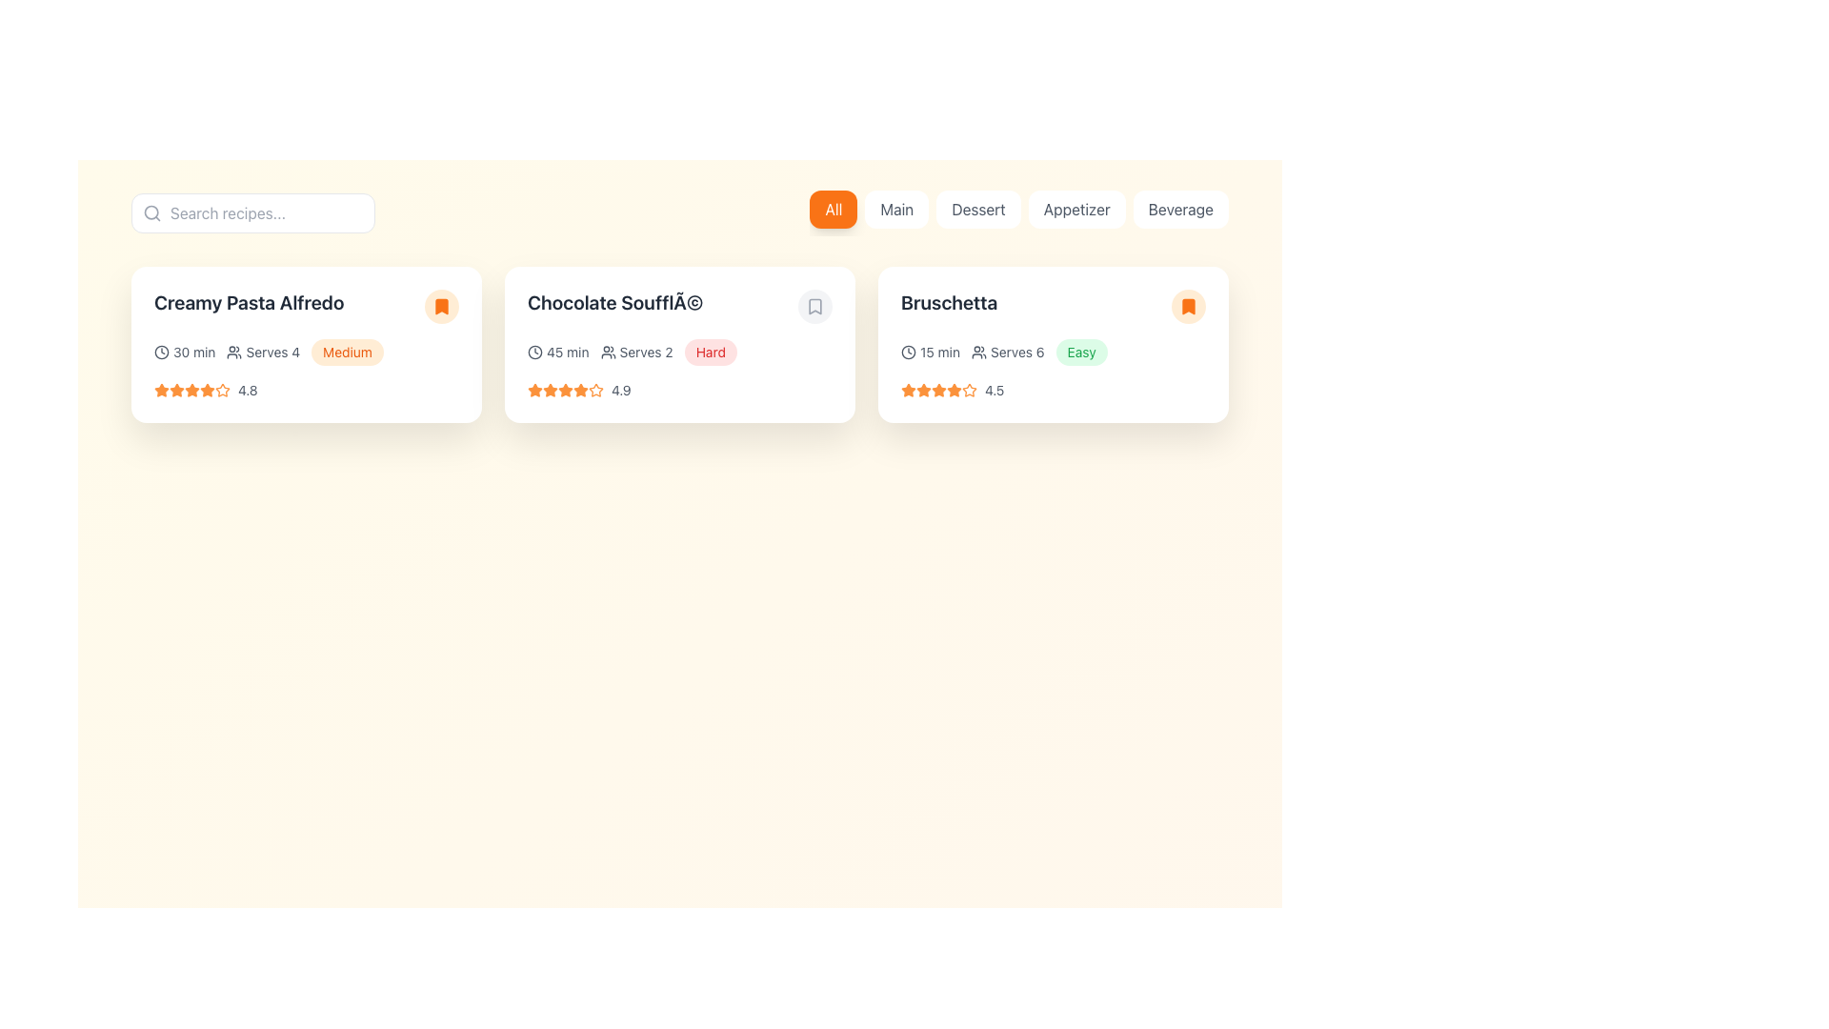  What do you see at coordinates (306, 353) in the screenshot?
I see `the informational text block with iconography that includes a clock icon, user icon, and a medium badge in the 'Creamy Pasta Alfredo' card` at bounding box center [306, 353].